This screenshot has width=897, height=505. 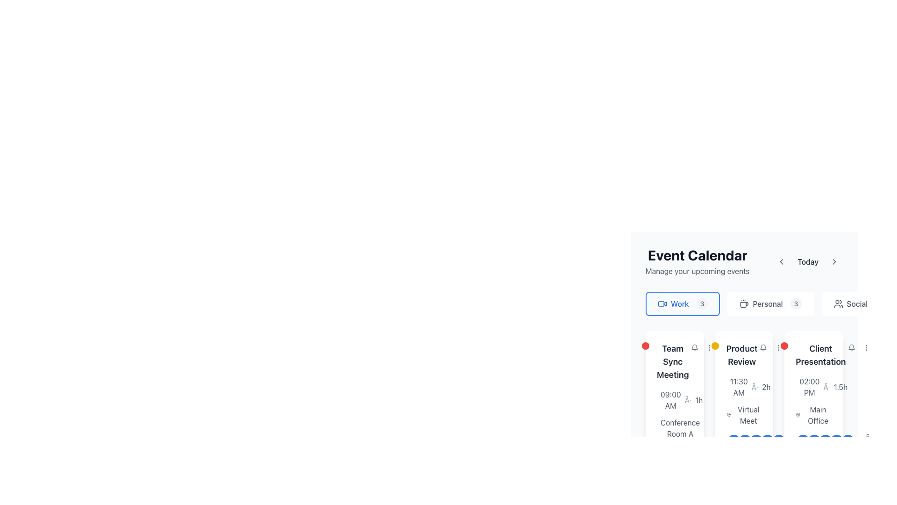 I want to click on the avatar text element in the circular badge located at the bottom-right corner of the user interface, so click(x=848, y=441).